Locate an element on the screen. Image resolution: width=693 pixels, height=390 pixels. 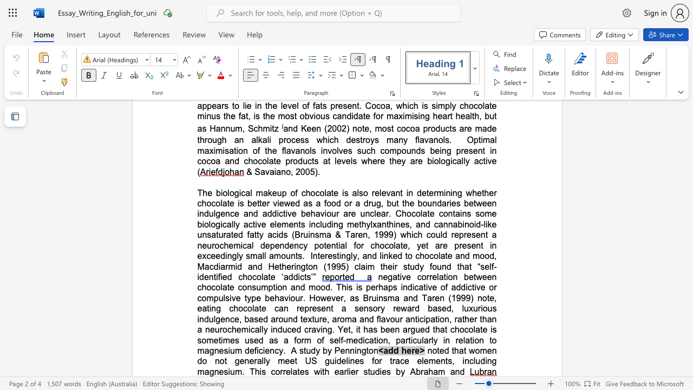
the subset text "by Abraham and" within the text "US guidelines for trace elements, including magnesium. This correlates with earlier studies by Abraham and" is located at coordinates (395, 371).